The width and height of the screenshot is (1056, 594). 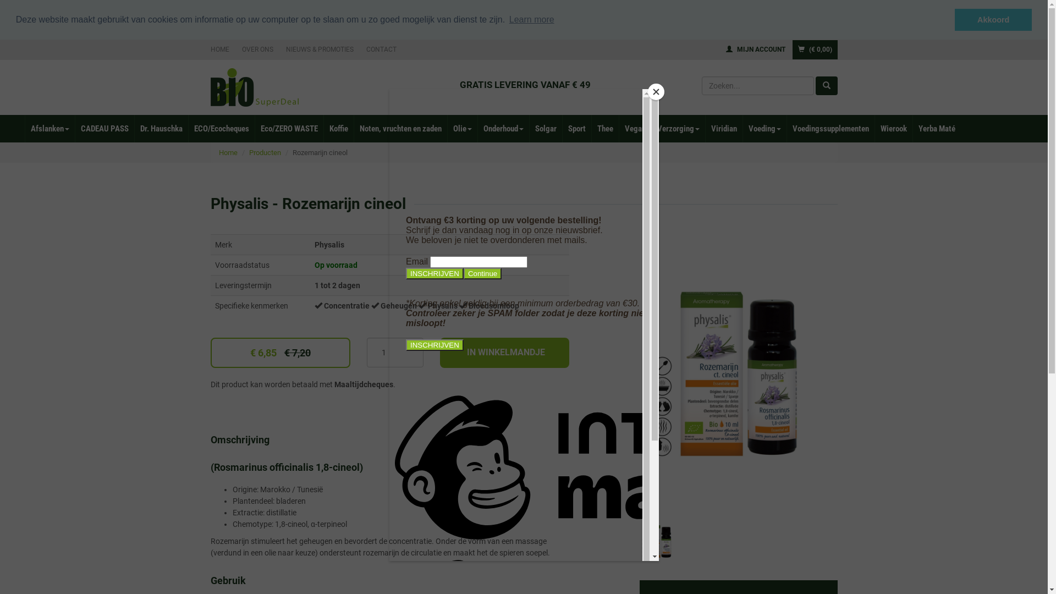 What do you see at coordinates (289, 127) in the screenshot?
I see `'Eco/ZERO WASTE'` at bounding box center [289, 127].